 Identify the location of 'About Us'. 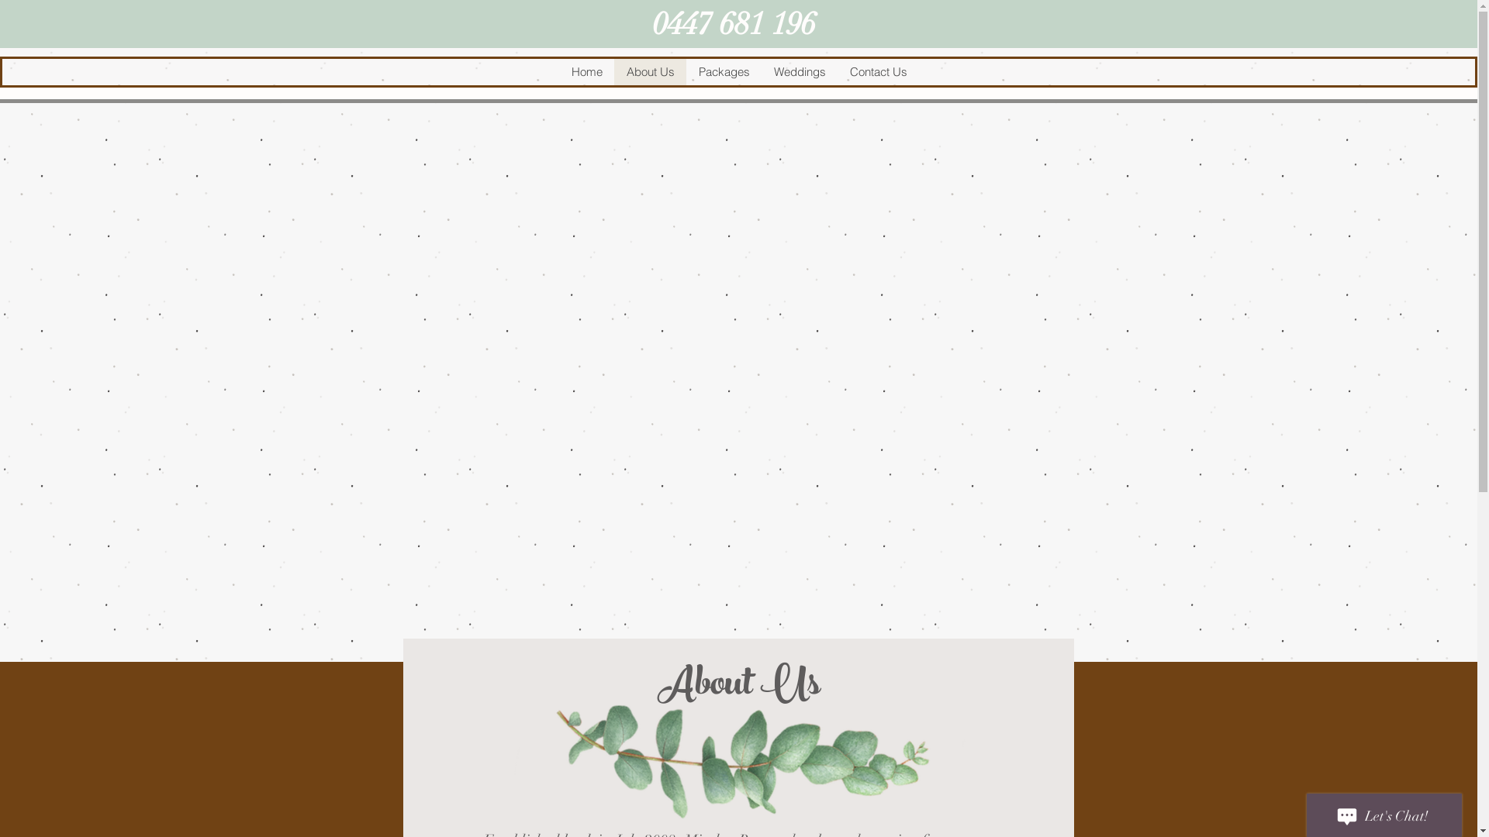
(650, 71).